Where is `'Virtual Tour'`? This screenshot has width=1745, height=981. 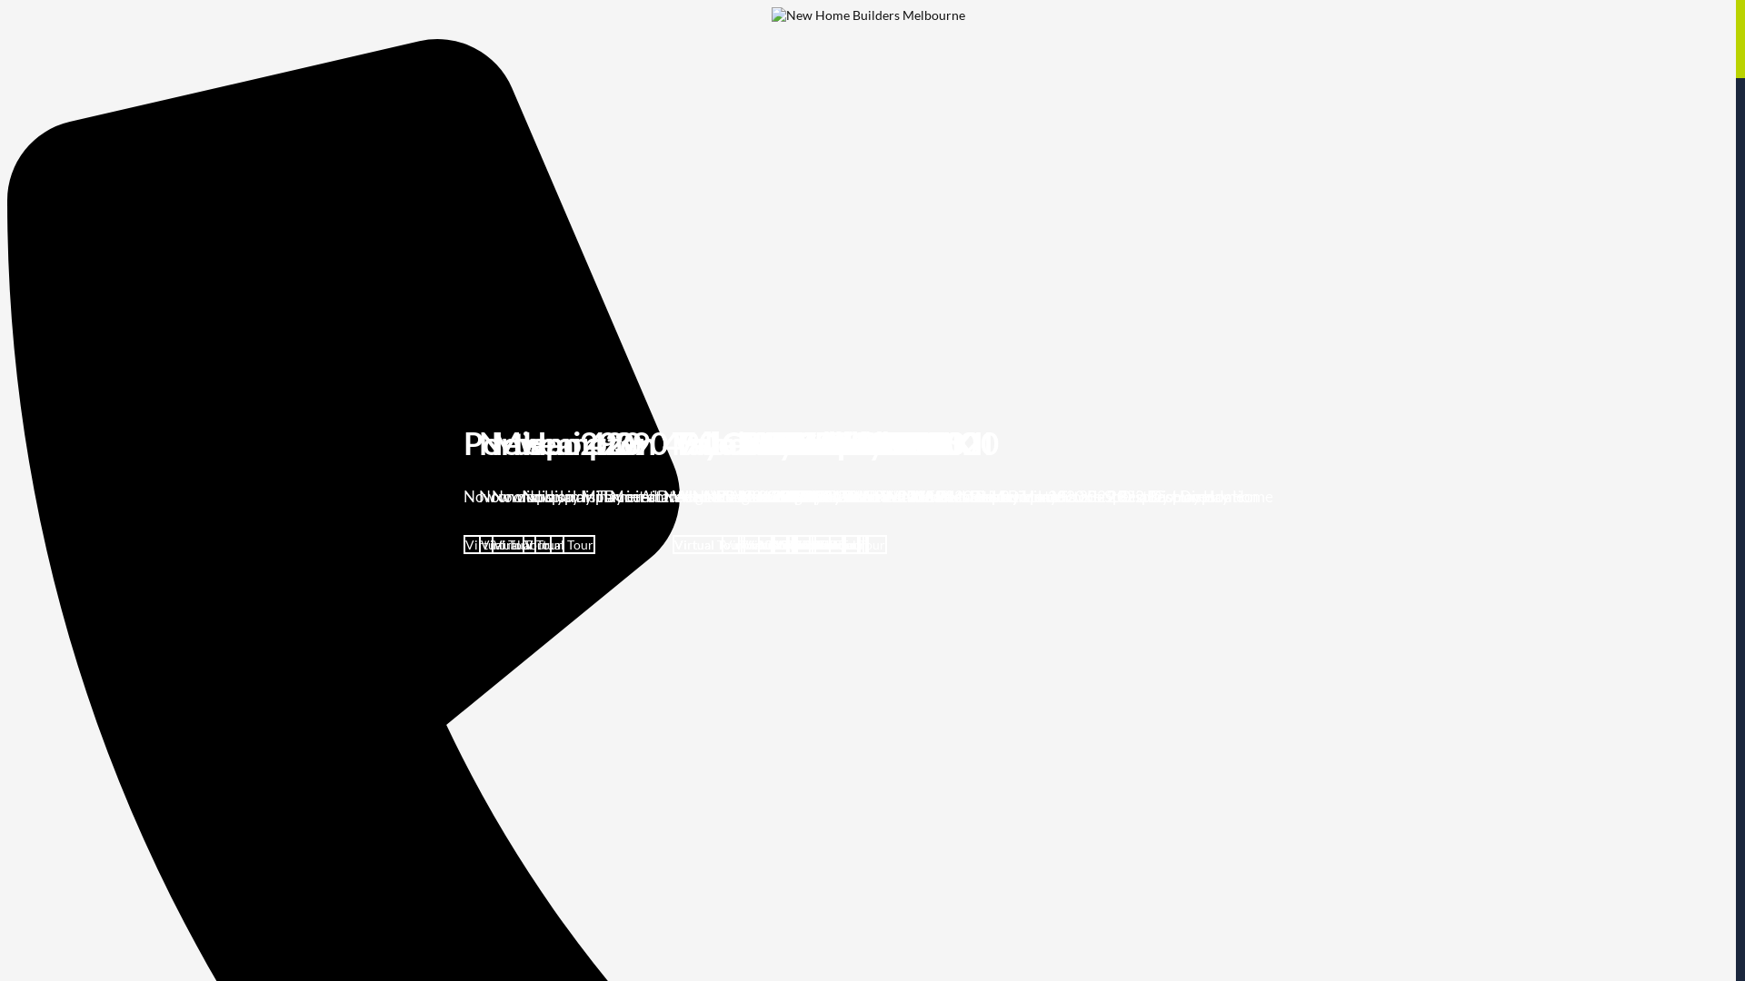
'Virtual Tour' is located at coordinates (780, 543).